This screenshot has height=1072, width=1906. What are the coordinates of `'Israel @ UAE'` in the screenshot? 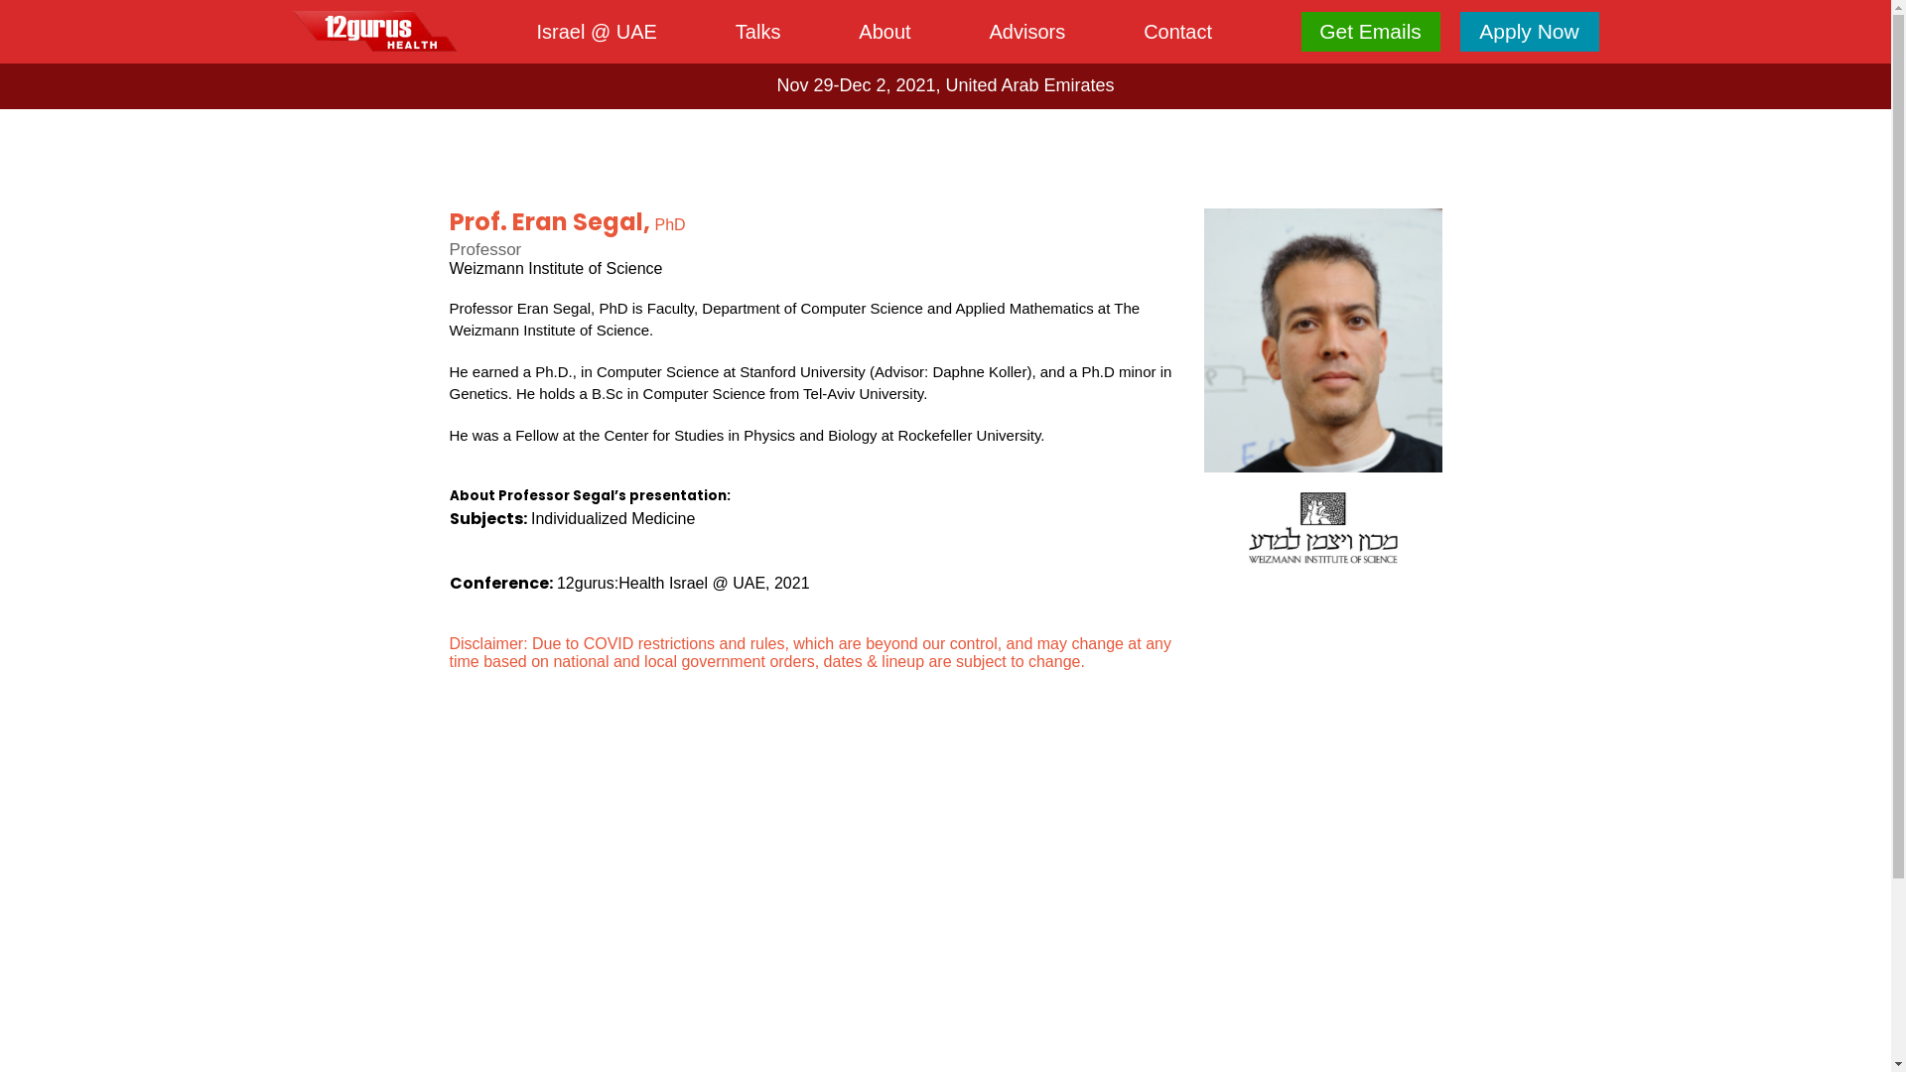 It's located at (595, 31).